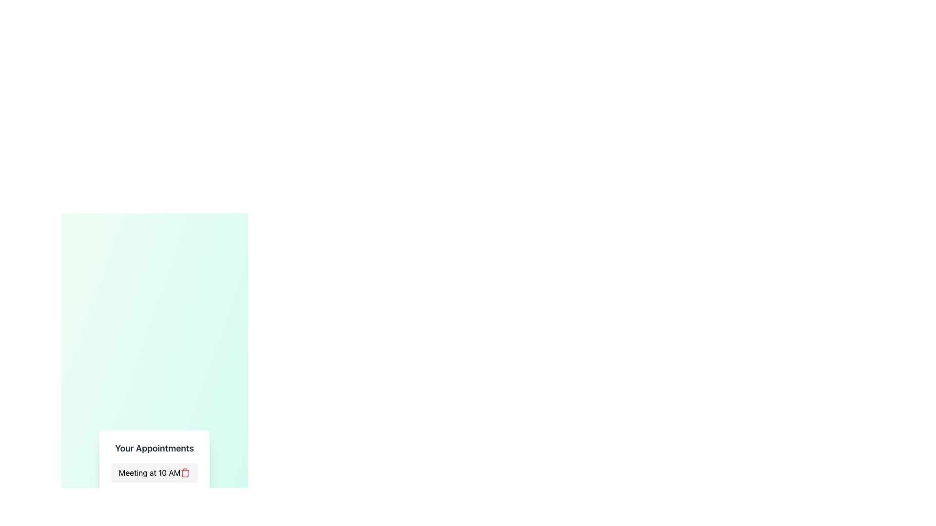 The height and width of the screenshot is (526, 936). I want to click on the text label that says 'Your Appointments', which is styled in a bold, large dark gray font and is positioned at the top of a card-like structure, so click(154, 449).